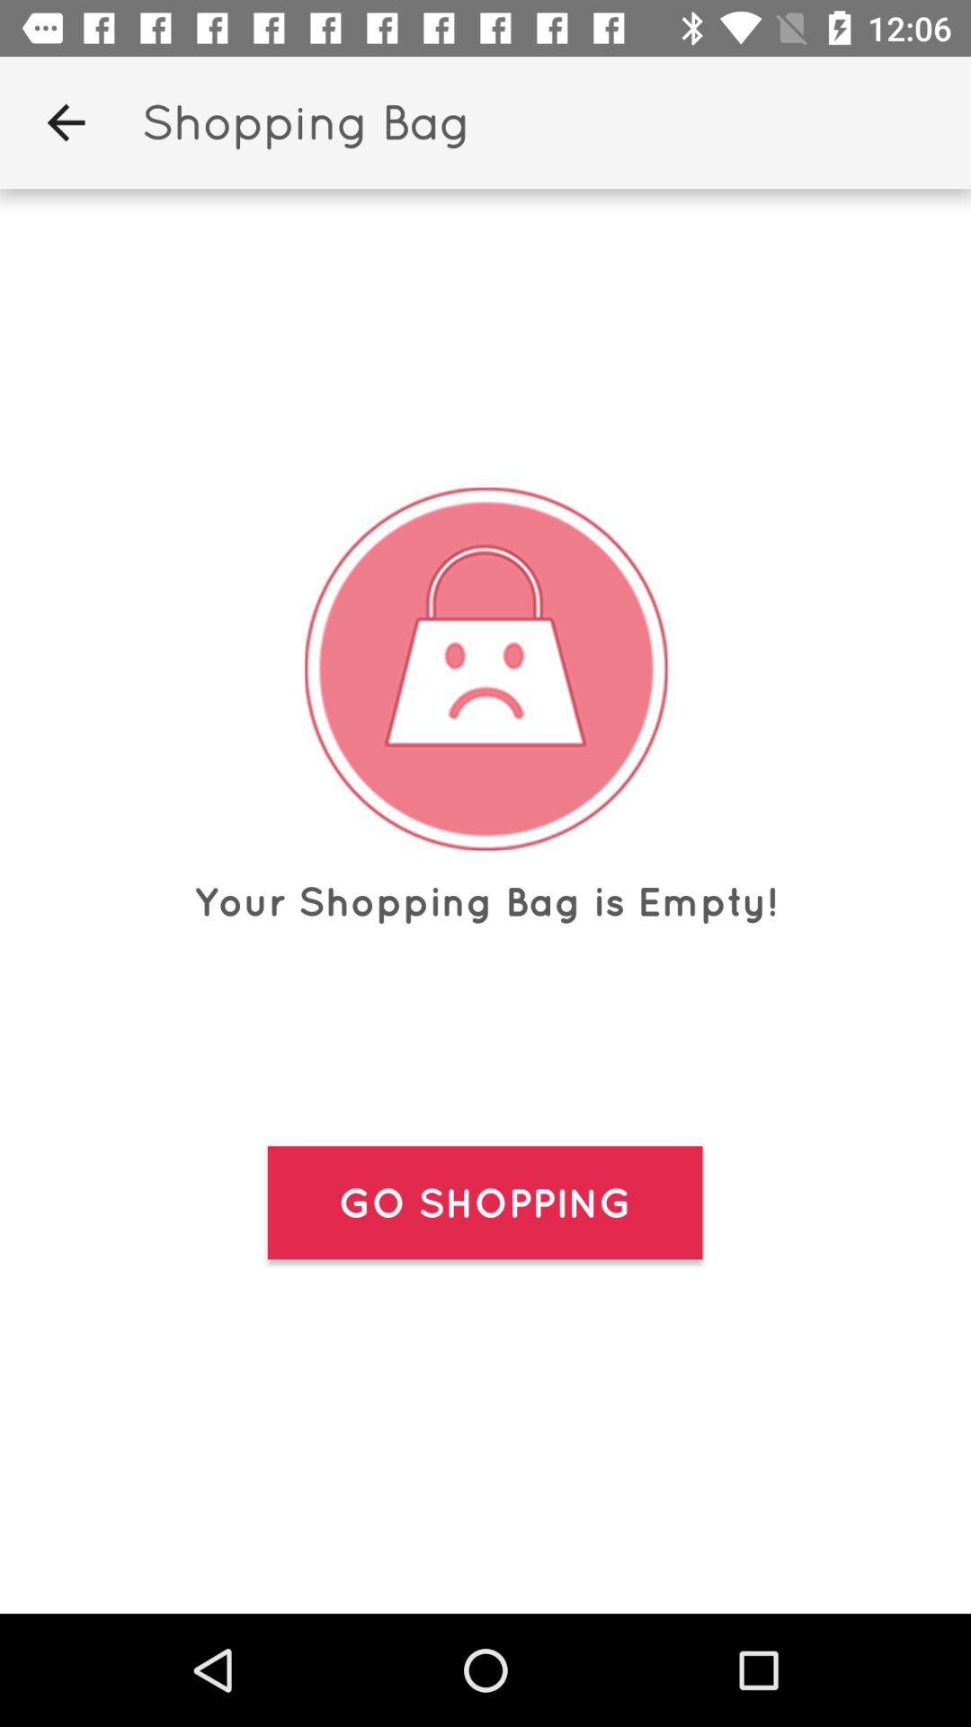 The image size is (971, 1727). I want to click on the go shopping, so click(484, 1203).